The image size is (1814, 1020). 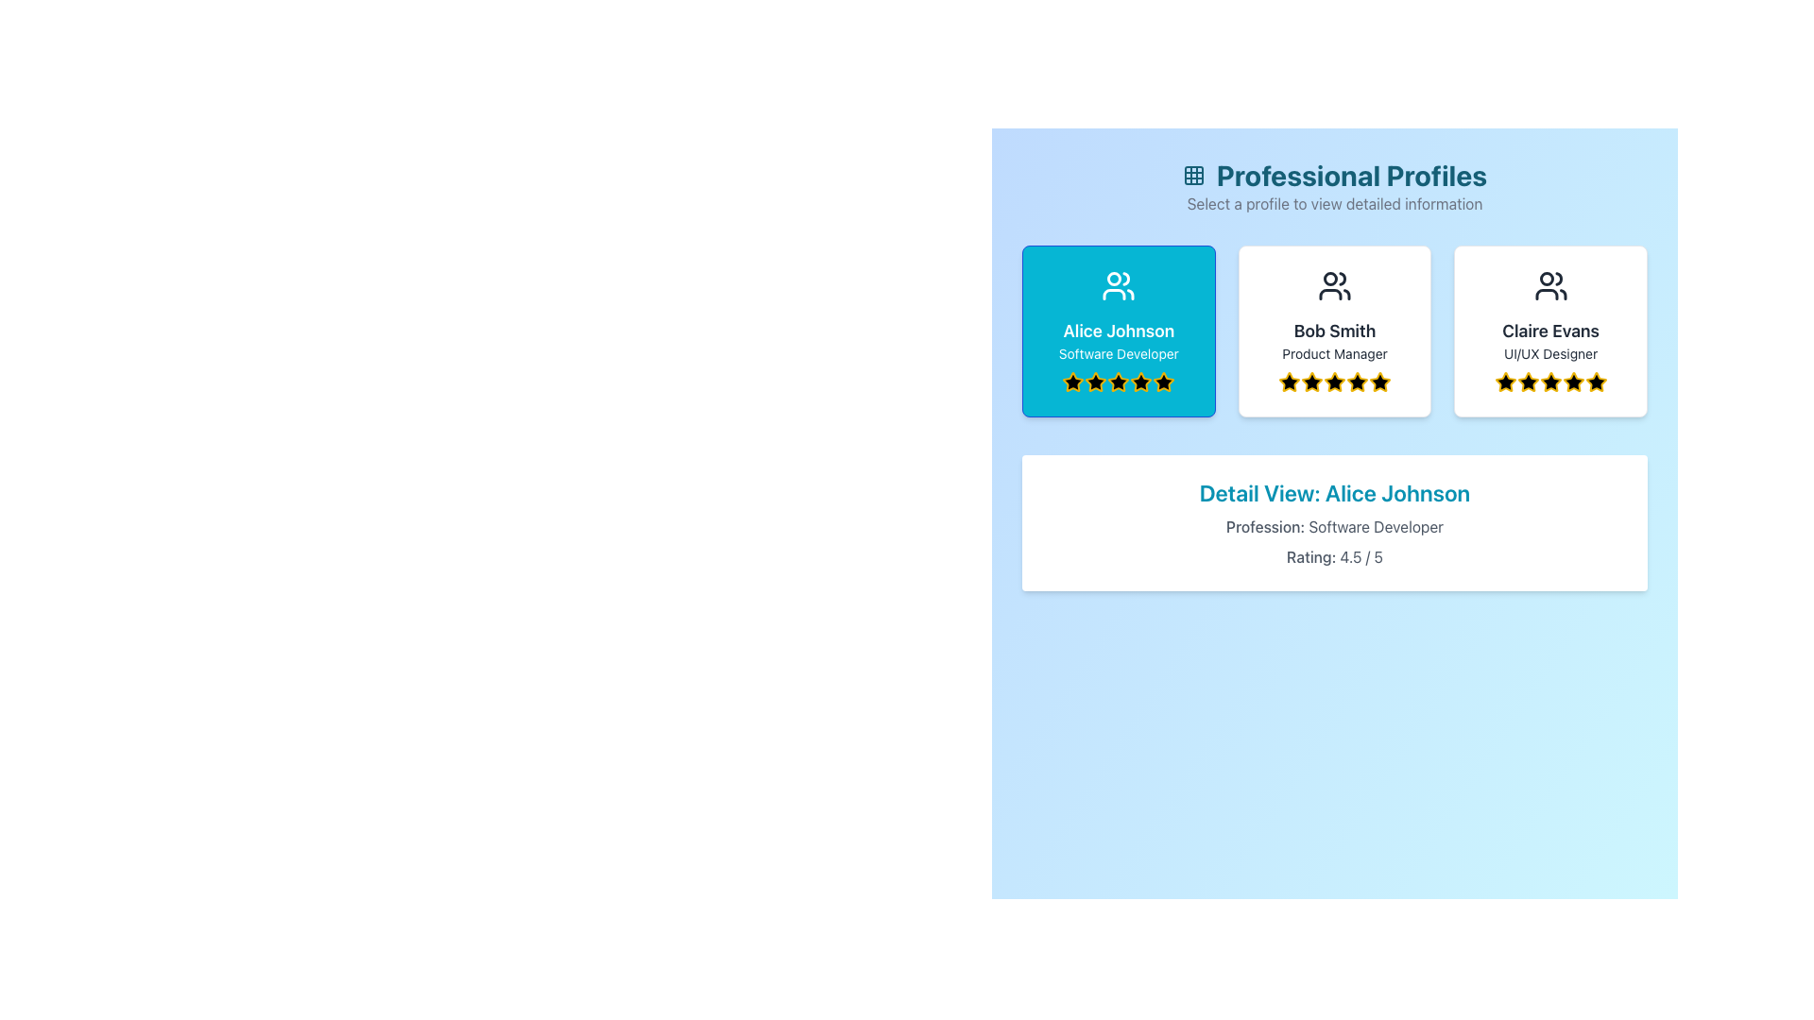 I want to click on the small circle graphical subcomponent of the 'users' SVG icon, which is centrally positioned among its sibling elements, so click(x=1329, y=279).